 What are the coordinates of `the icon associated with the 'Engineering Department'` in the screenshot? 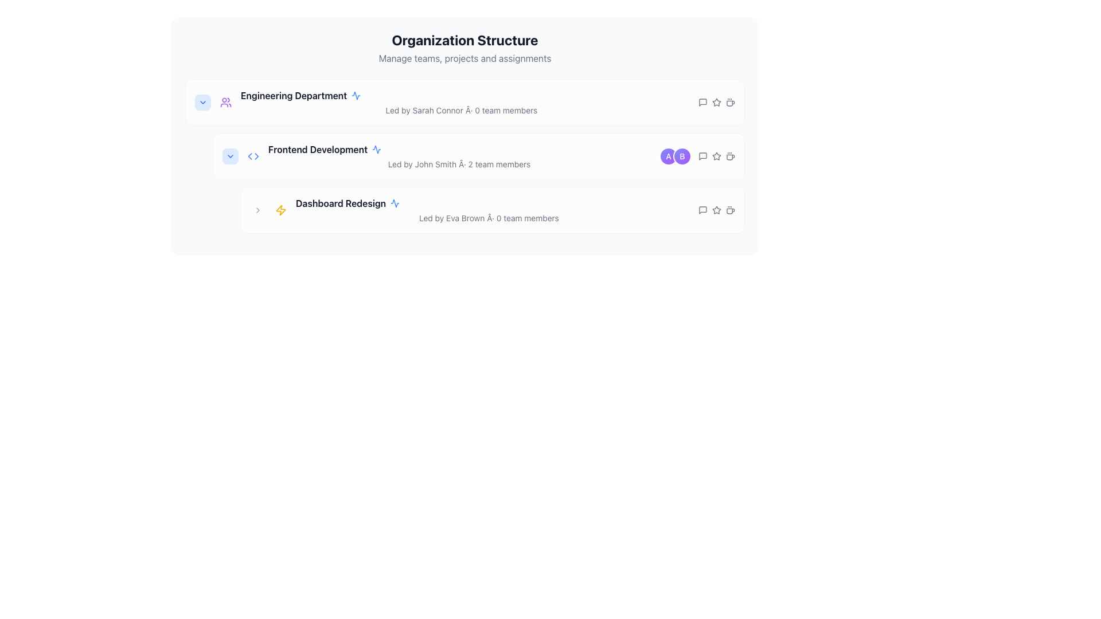 It's located at (356, 95).